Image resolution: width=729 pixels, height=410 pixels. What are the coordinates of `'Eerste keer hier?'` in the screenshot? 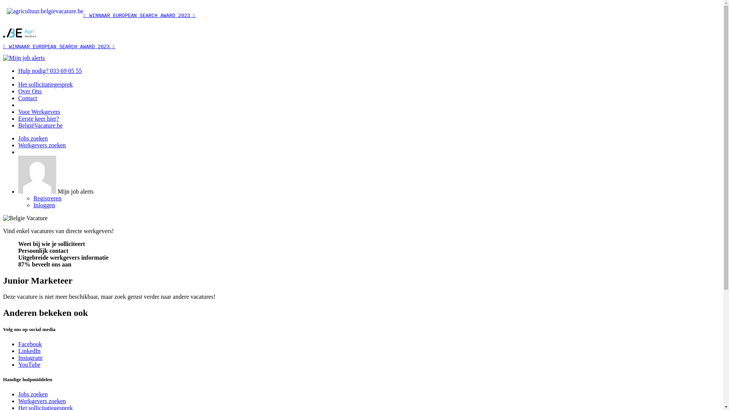 It's located at (38, 118).